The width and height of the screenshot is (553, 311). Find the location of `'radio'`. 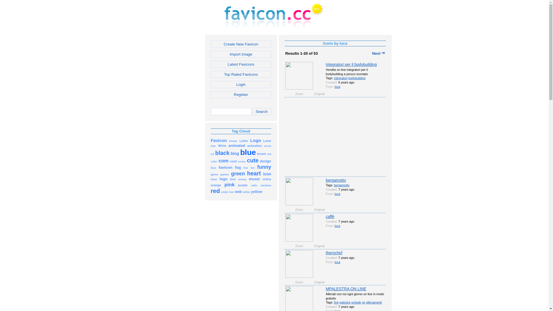

'radio' is located at coordinates (251, 185).